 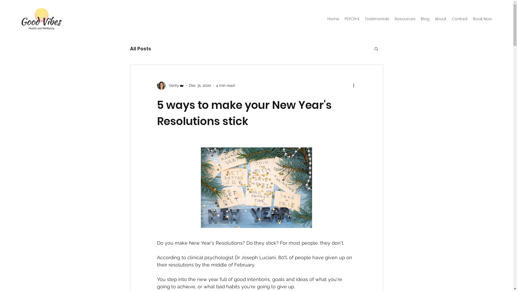 What do you see at coordinates (324, 19) in the screenshot?
I see `'Home'` at bounding box center [324, 19].